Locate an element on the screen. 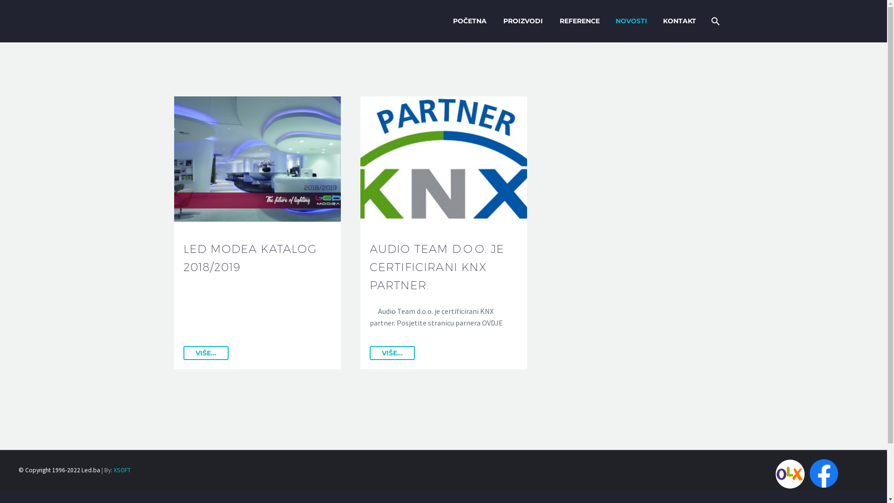  'XSOFT' is located at coordinates (122, 470).